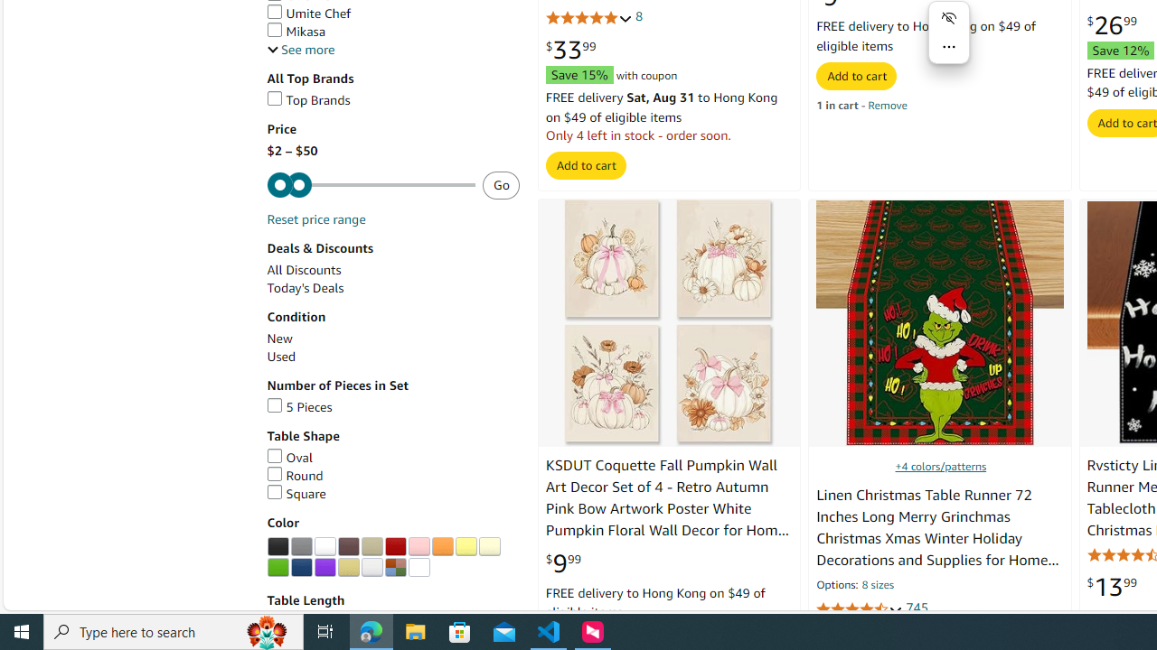 Image resolution: width=1157 pixels, height=650 pixels. I want to click on 'All Discounts', so click(391, 270).